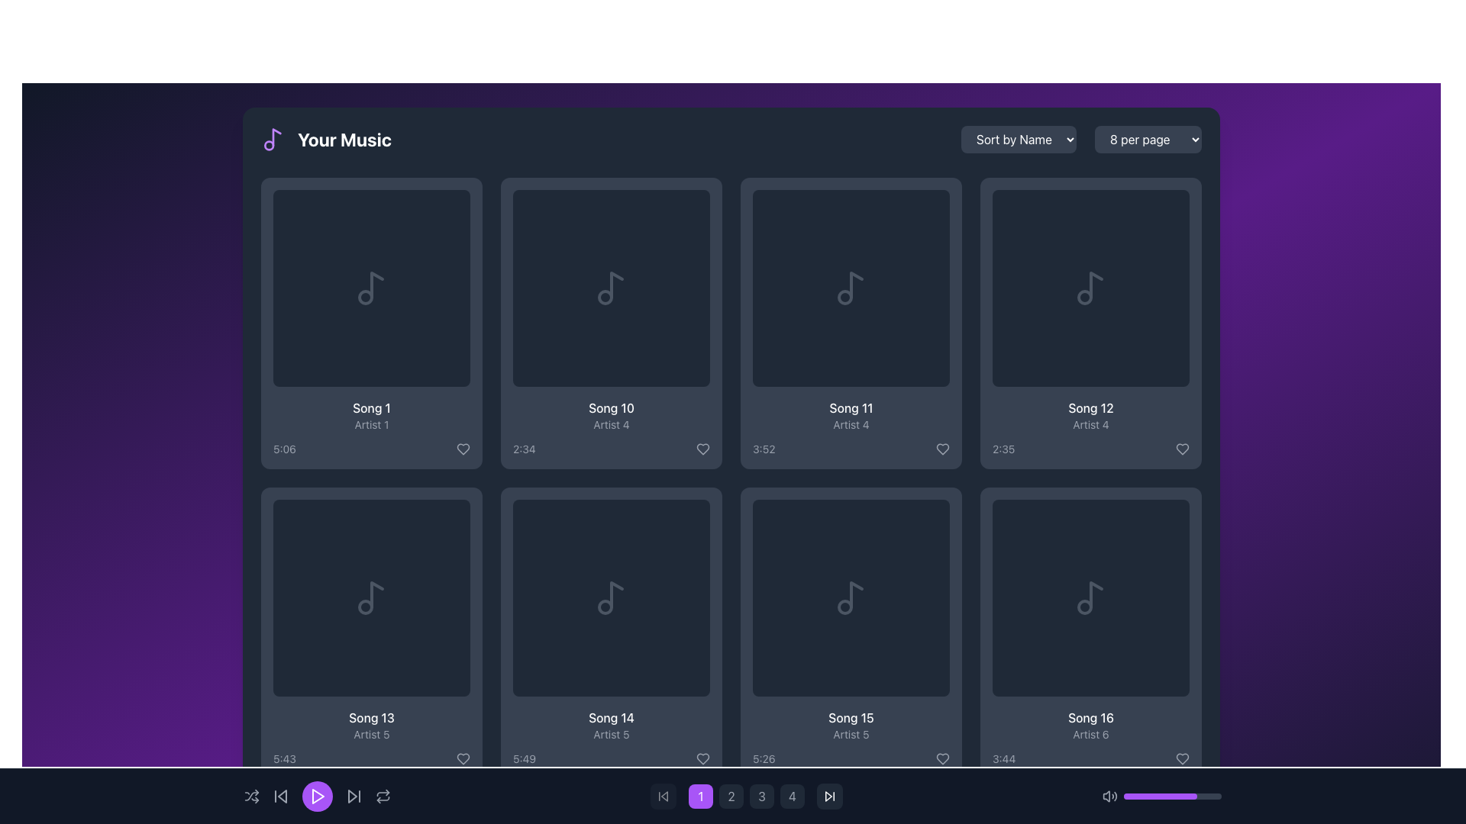 The image size is (1466, 824). Describe the element at coordinates (318, 796) in the screenshot. I see `the play button, which is a triangular 'play' icon located at the center of the playback control bar encased in a circular button` at that location.